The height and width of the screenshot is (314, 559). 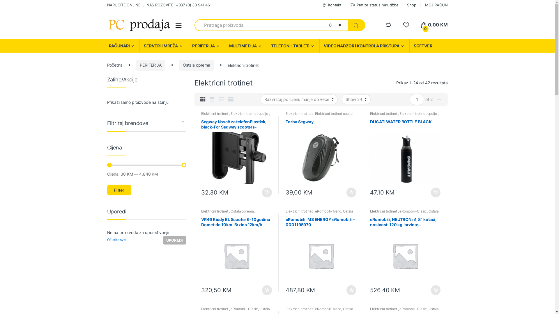 What do you see at coordinates (210, 99) in the screenshot?
I see `'Grid Extended View'` at bounding box center [210, 99].